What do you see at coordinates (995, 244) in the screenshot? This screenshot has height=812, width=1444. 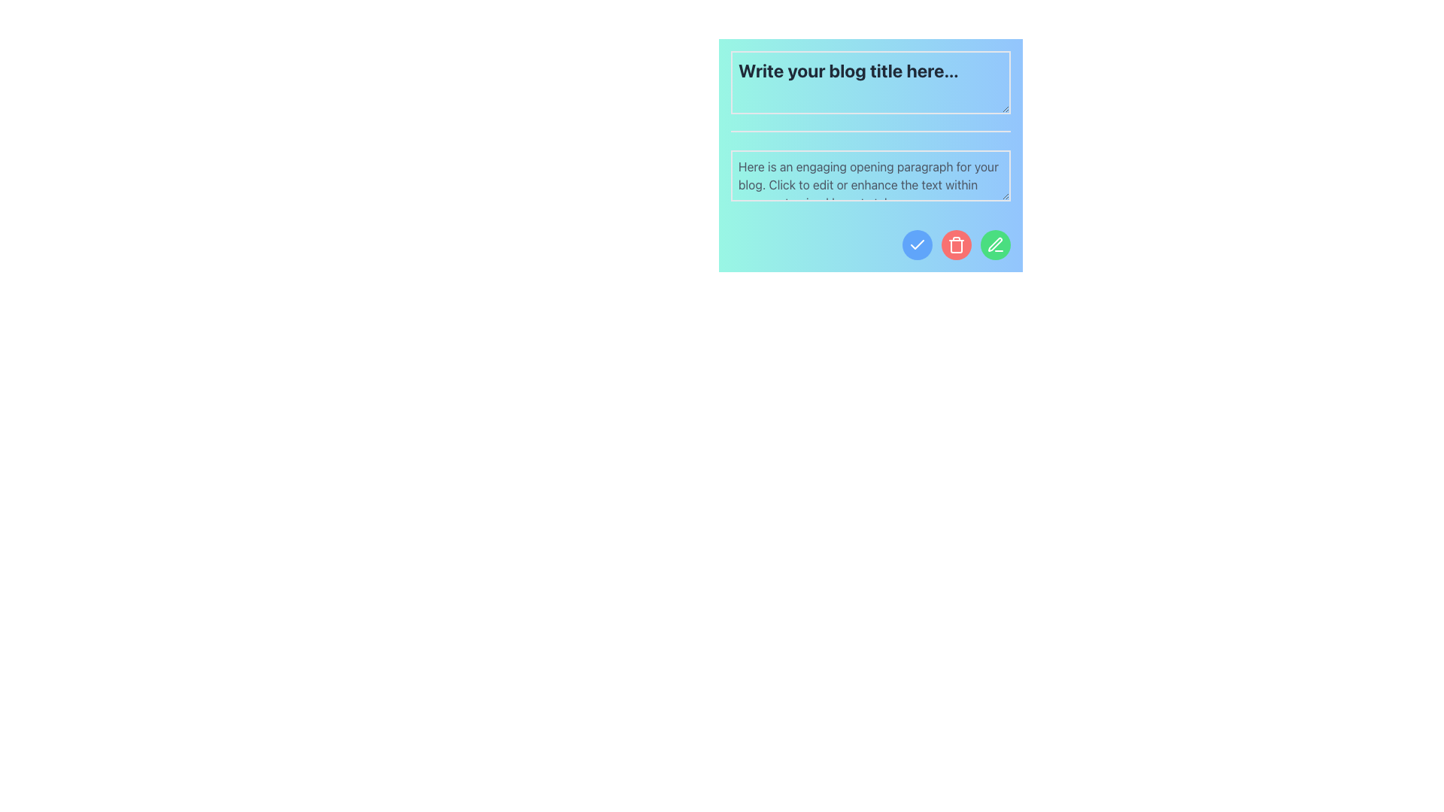 I see `the green circular button with a white pen icon located at the bottom-right of the card interface to initiate the edit functionality` at bounding box center [995, 244].